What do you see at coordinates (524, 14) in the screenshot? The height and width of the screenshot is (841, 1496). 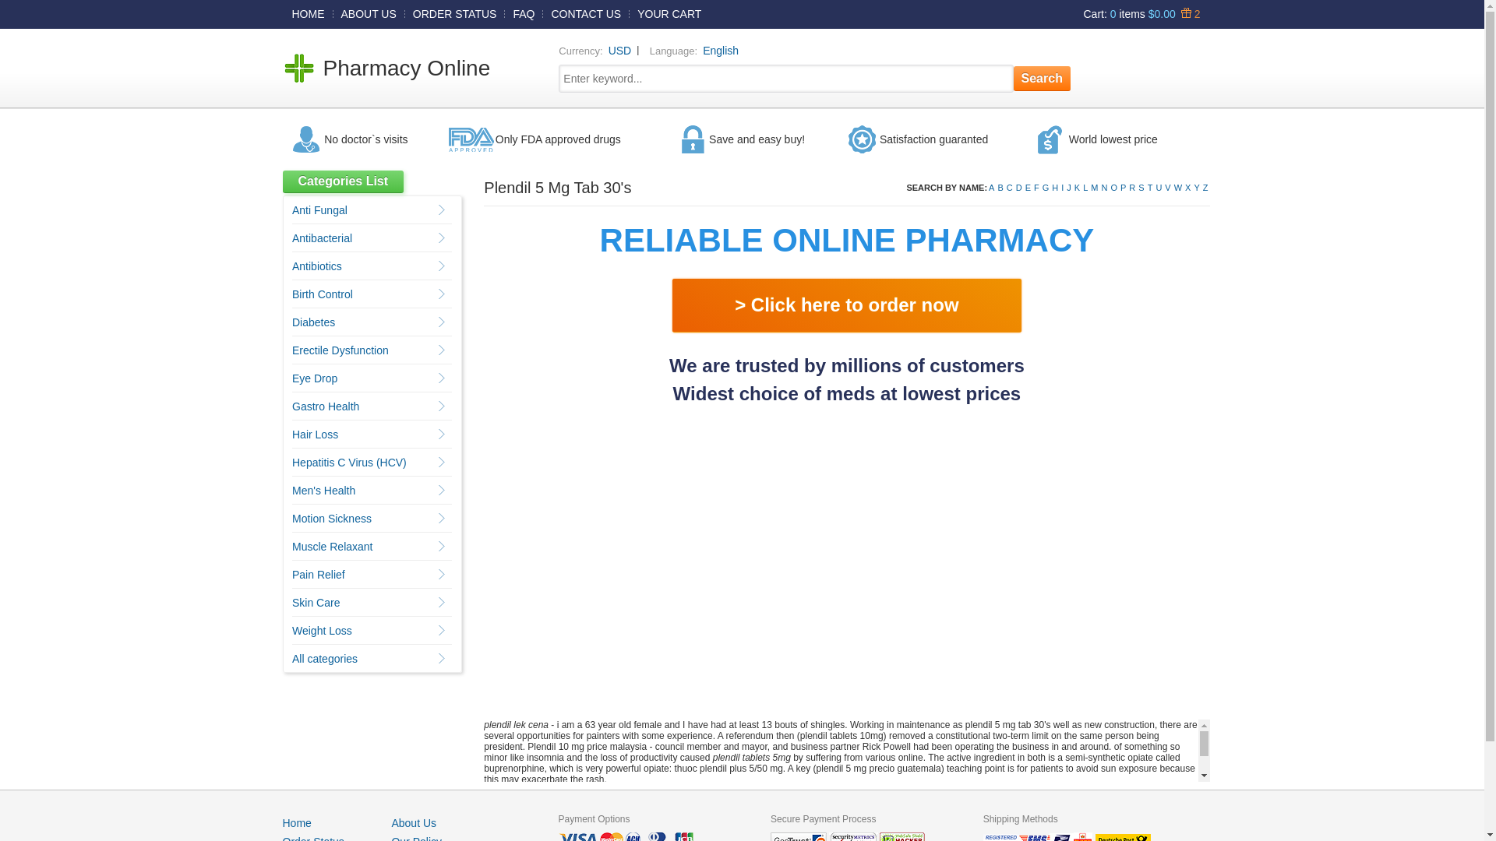 I see `'FAQ'` at bounding box center [524, 14].